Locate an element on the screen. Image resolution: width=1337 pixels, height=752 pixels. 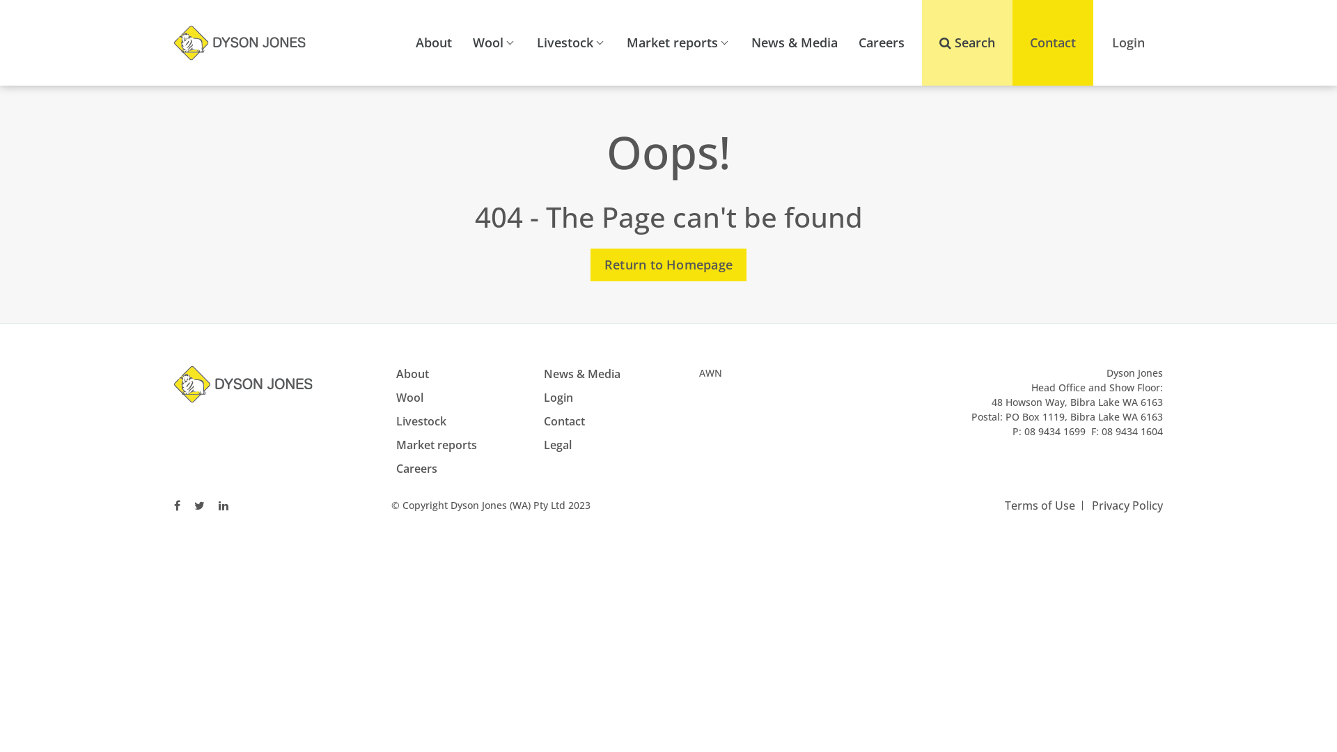
'Login' is located at coordinates (1128, 42).